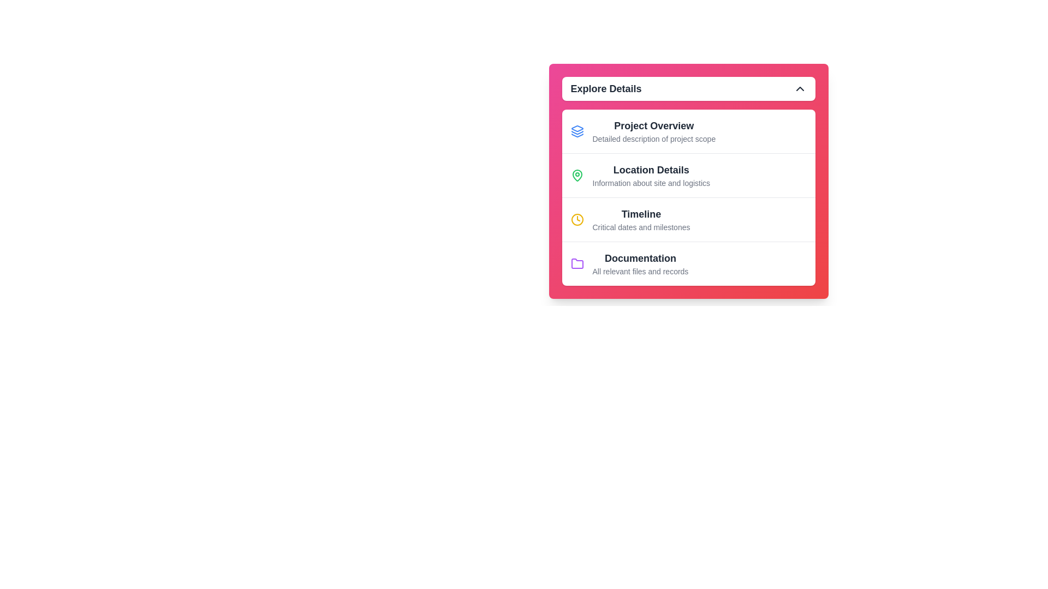 The image size is (1048, 589). Describe the element at coordinates (576, 175) in the screenshot. I see `the location-related icon positioned to the left of 'Location Details' in the 'Explore Details' panel to gather its meaning` at that location.